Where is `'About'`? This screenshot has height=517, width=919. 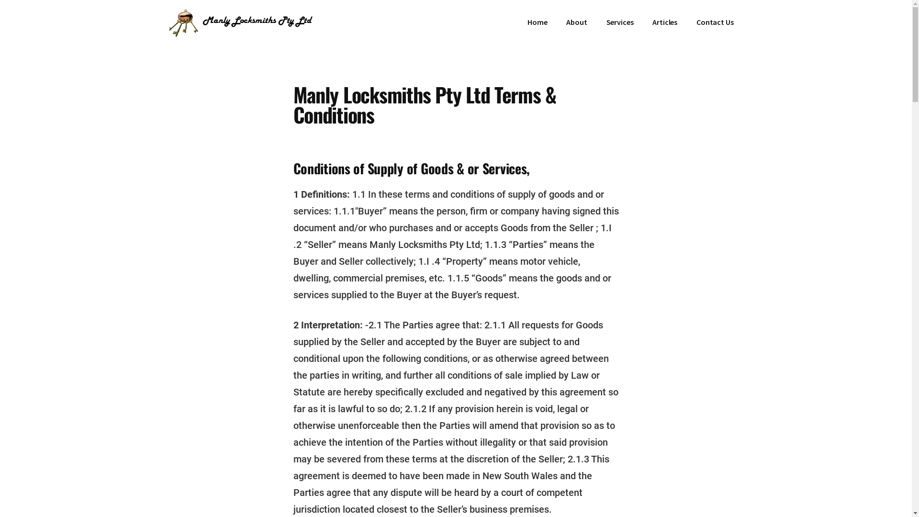
'About' is located at coordinates (576, 22).